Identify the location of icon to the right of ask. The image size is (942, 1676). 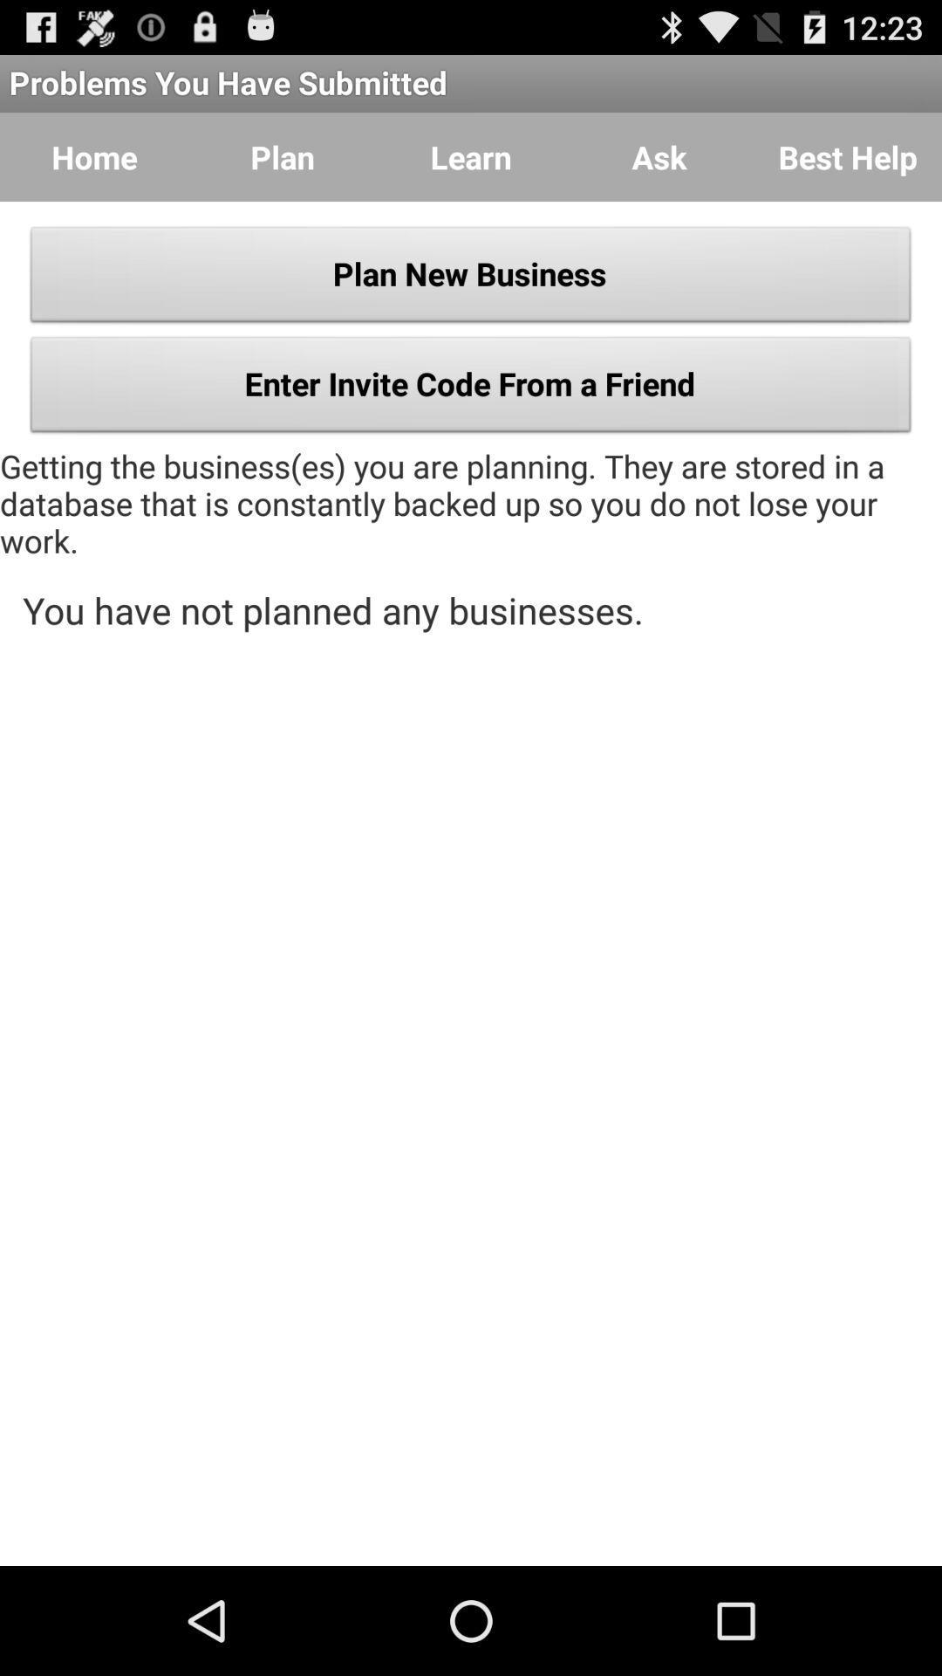
(847, 157).